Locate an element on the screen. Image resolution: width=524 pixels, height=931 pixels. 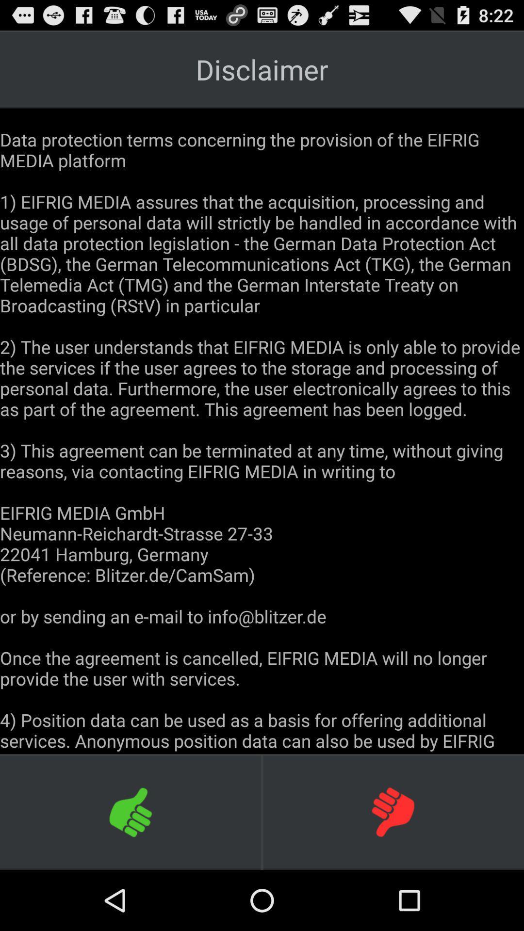
consent to the aggreement is located at coordinates (131, 812).